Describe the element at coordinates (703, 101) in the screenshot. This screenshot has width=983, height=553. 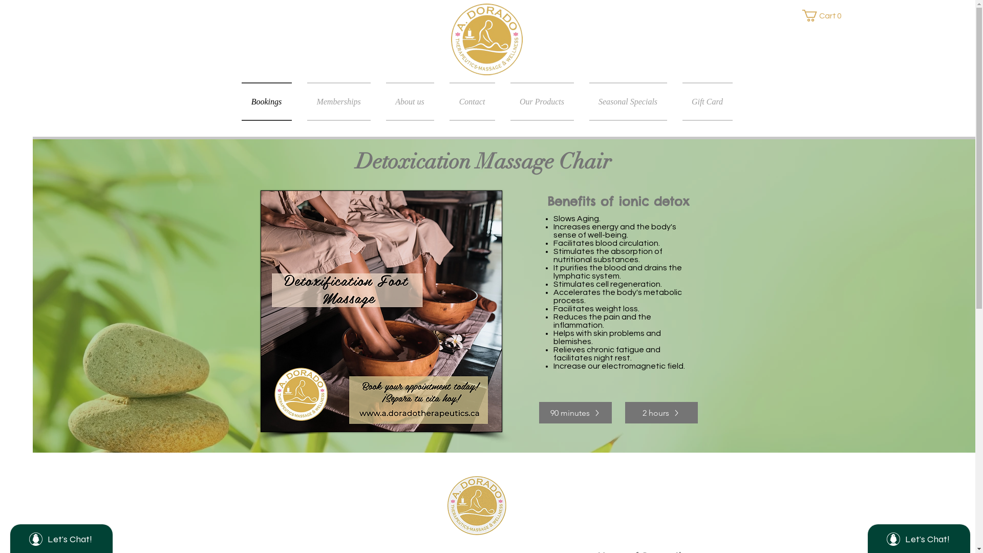
I see `'Gift Card'` at that location.